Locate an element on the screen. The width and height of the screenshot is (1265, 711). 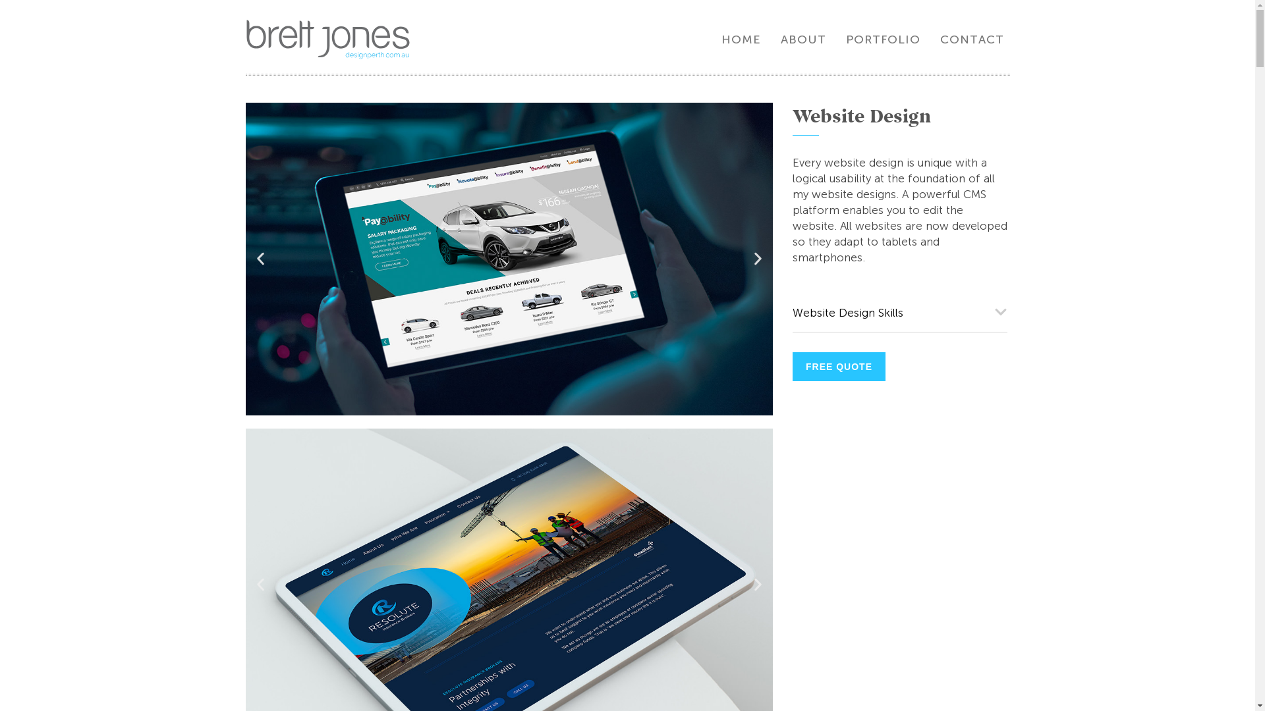
'ABOUT' is located at coordinates (802, 39).